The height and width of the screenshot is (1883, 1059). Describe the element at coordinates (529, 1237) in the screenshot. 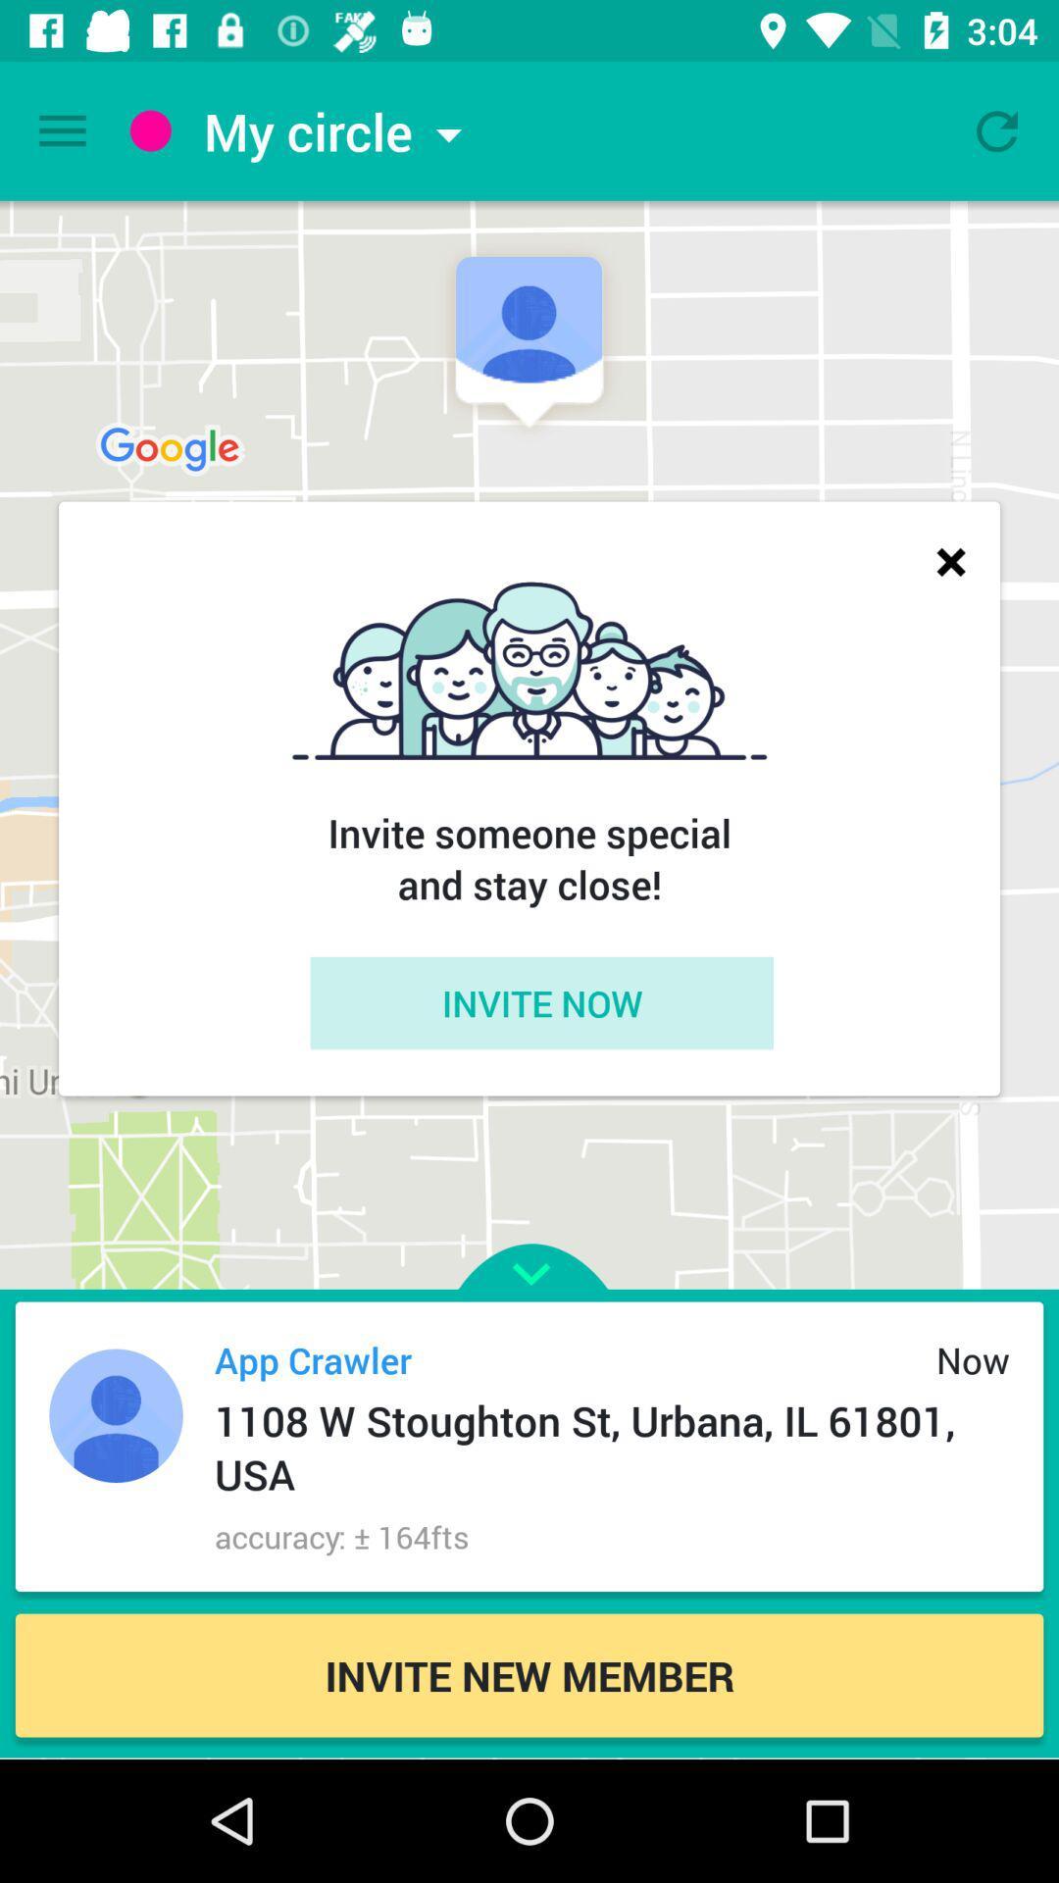

I see `the icon above the app crawler item` at that location.